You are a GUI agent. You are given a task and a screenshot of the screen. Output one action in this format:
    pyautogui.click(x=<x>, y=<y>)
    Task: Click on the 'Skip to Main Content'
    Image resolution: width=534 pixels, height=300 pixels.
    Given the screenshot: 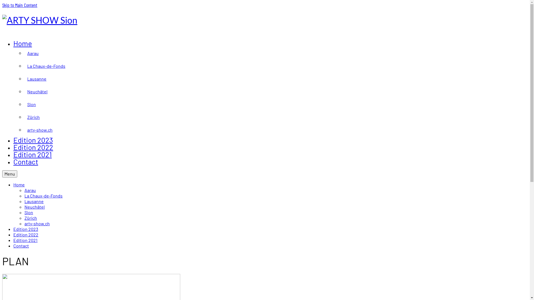 What is the action you would take?
    pyautogui.click(x=20, y=5)
    